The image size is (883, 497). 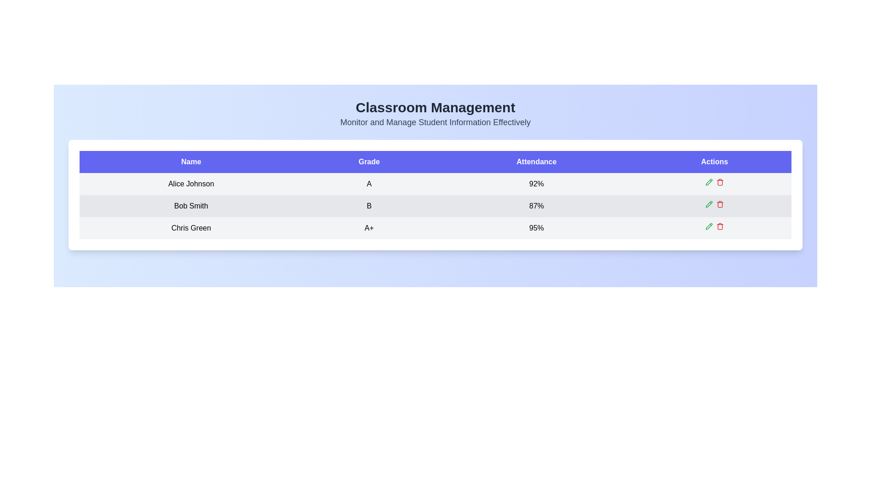 What do you see at coordinates (714, 226) in the screenshot?
I see `the green pencil icon in the Action group for 'Chris Green'` at bounding box center [714, 226].